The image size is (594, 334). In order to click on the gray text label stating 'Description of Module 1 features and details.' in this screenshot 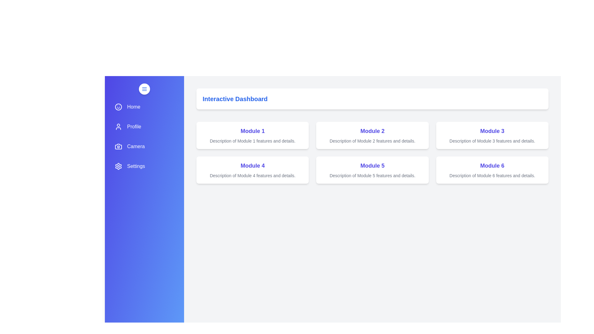, I will do `click(252, 141)`.